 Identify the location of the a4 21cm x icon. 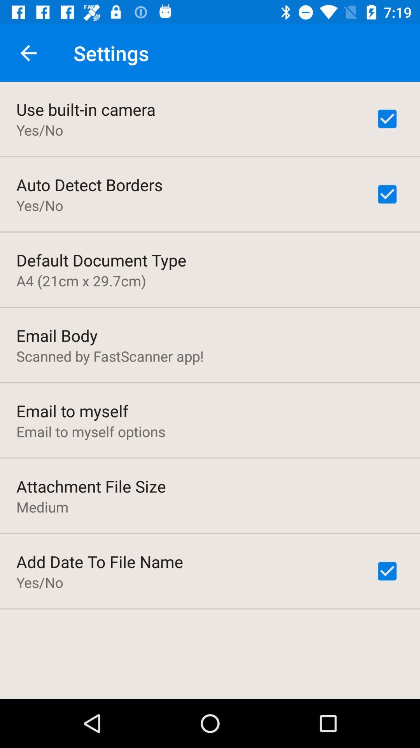
(81, 280).